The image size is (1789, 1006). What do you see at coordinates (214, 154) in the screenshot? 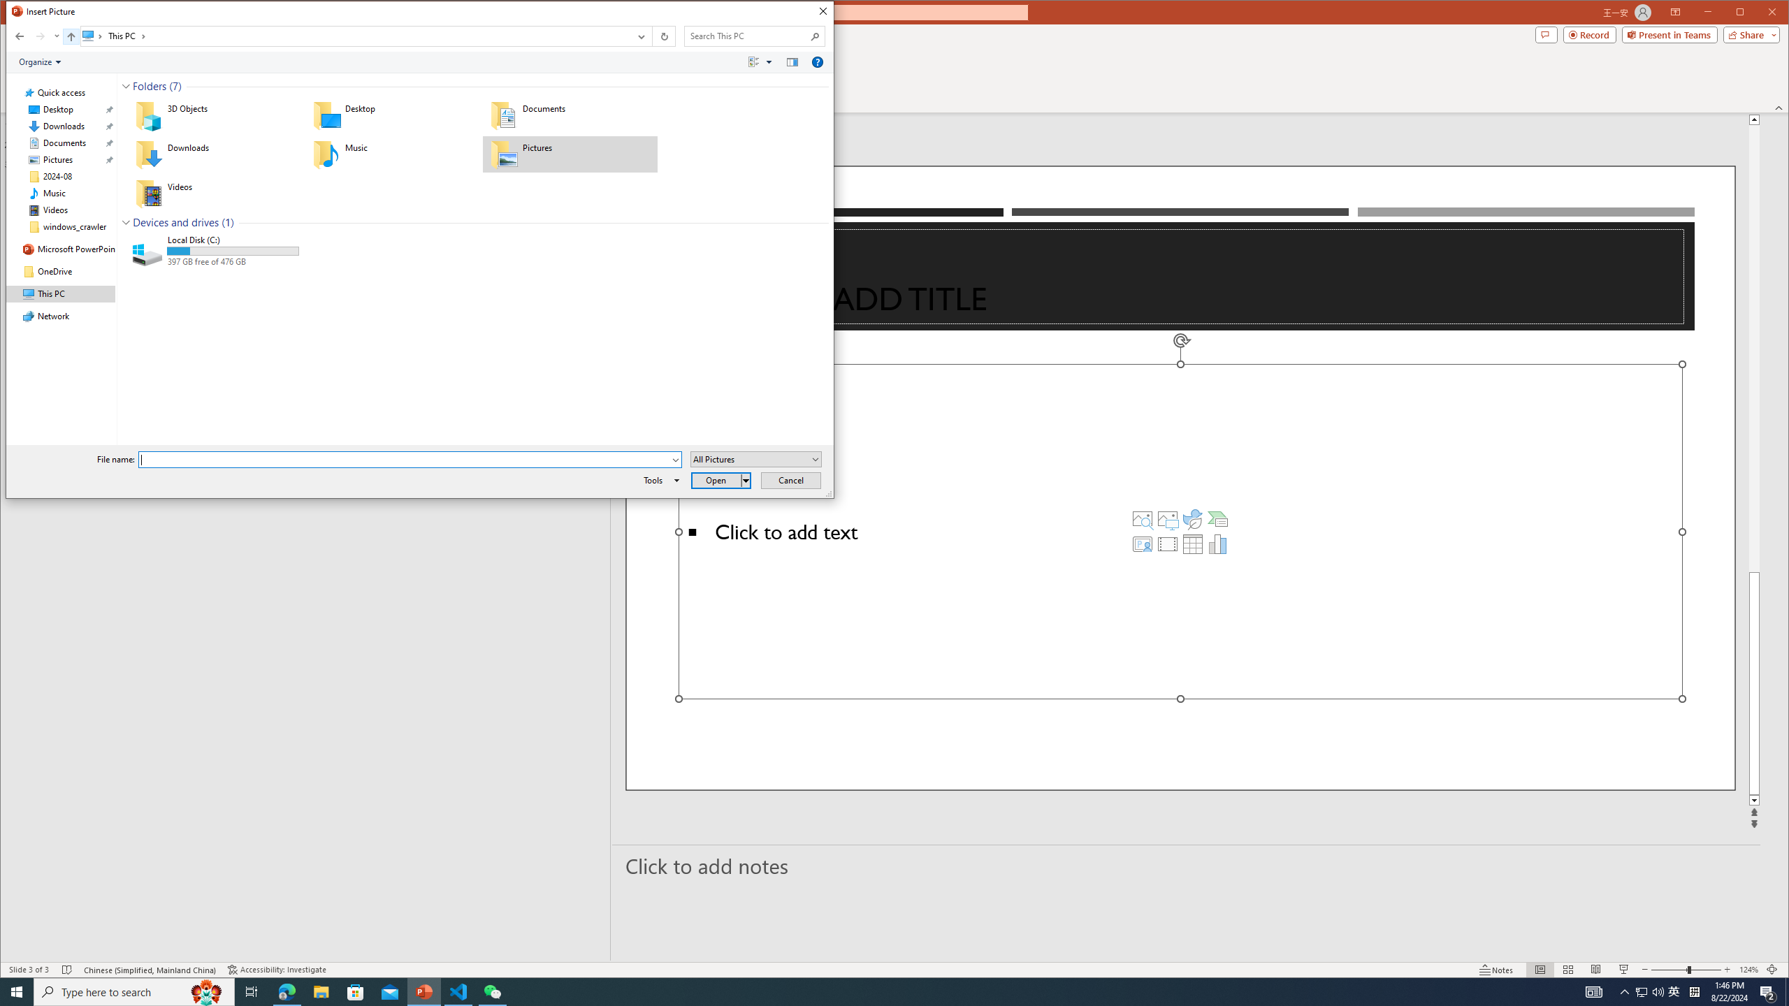
I see `'Downloads'` at bounding box center [214, 154].